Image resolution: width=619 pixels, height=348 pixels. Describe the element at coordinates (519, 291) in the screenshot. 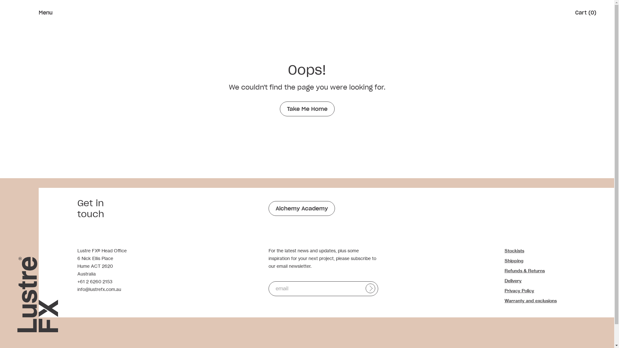

I see `'Privacy Policy'` at that location.